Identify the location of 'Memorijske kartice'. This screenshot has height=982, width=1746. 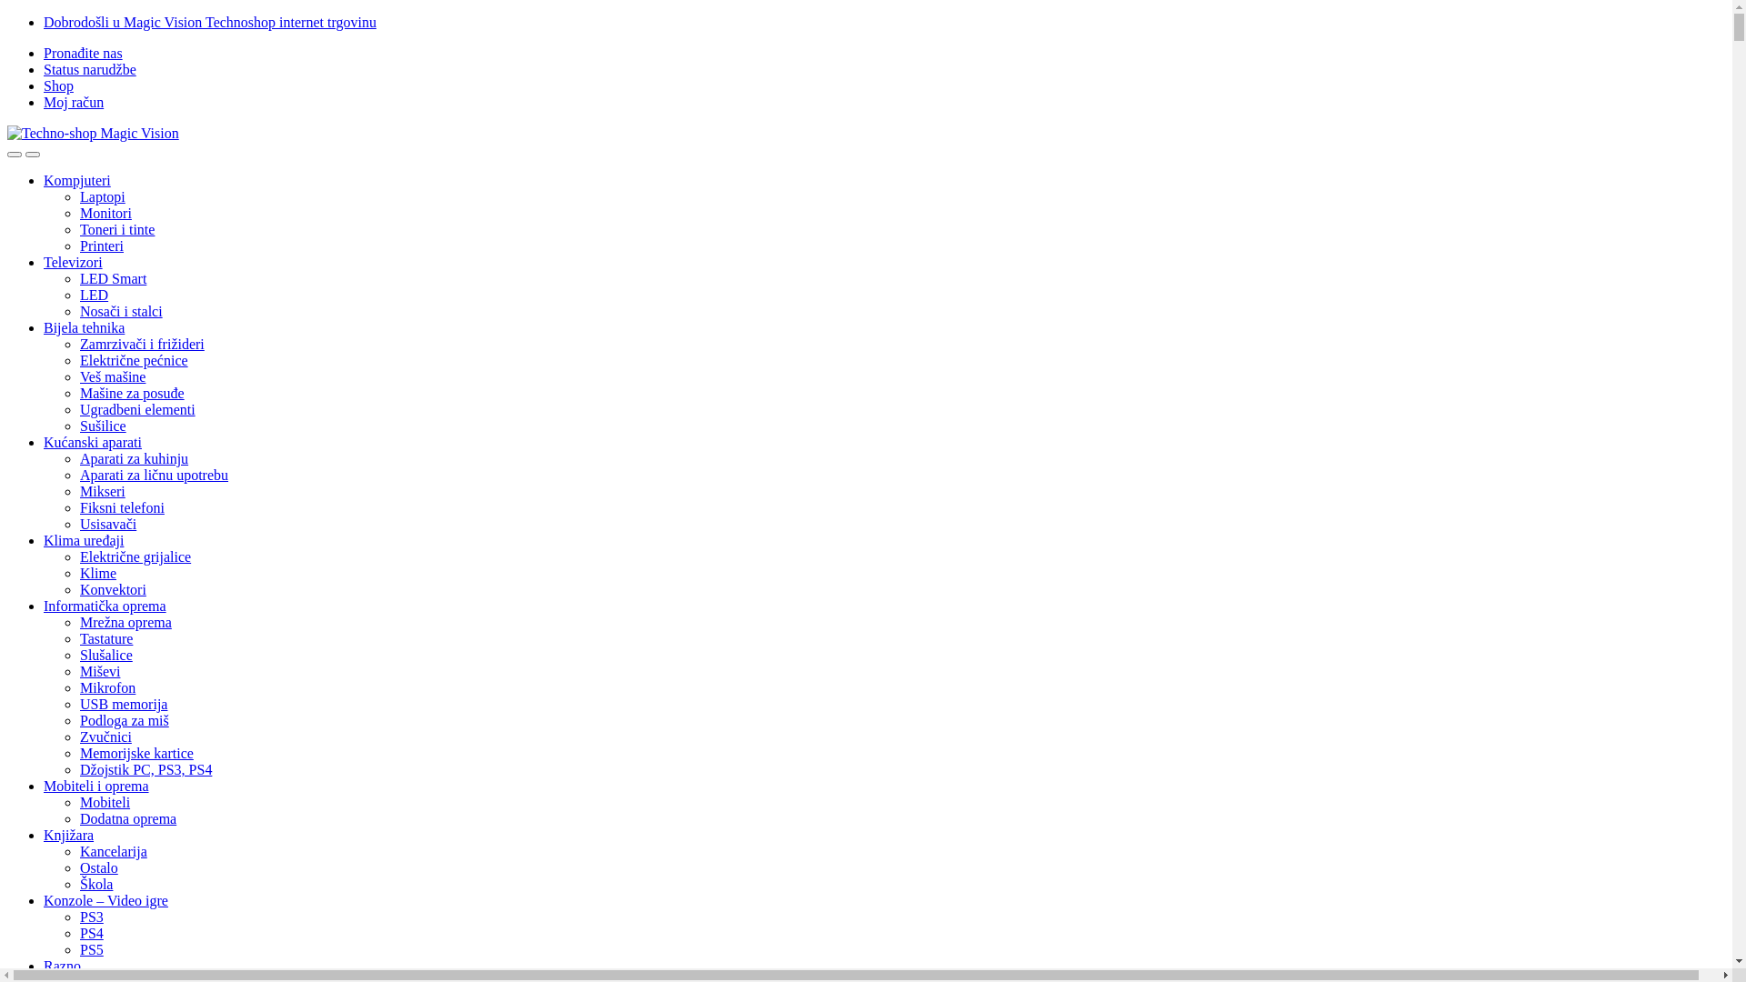
(78, 753).